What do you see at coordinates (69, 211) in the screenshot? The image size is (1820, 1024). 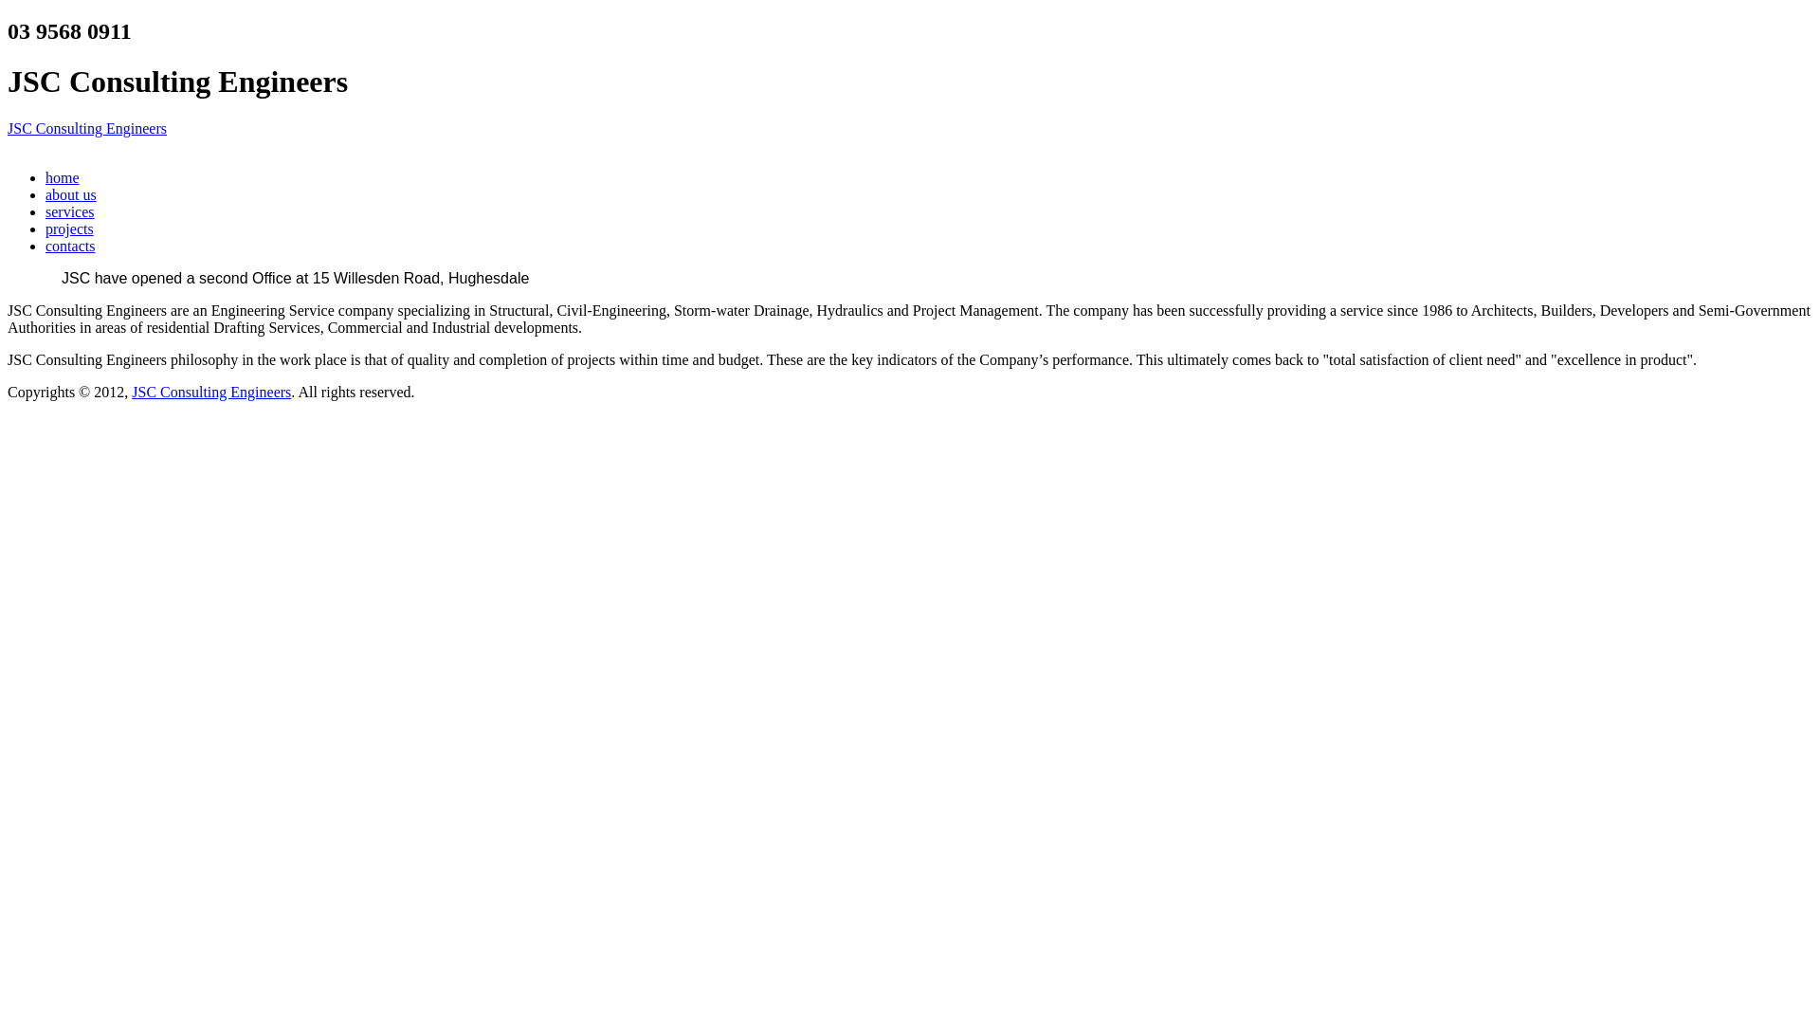 I see `'services'` at bounding box center [69, 211].